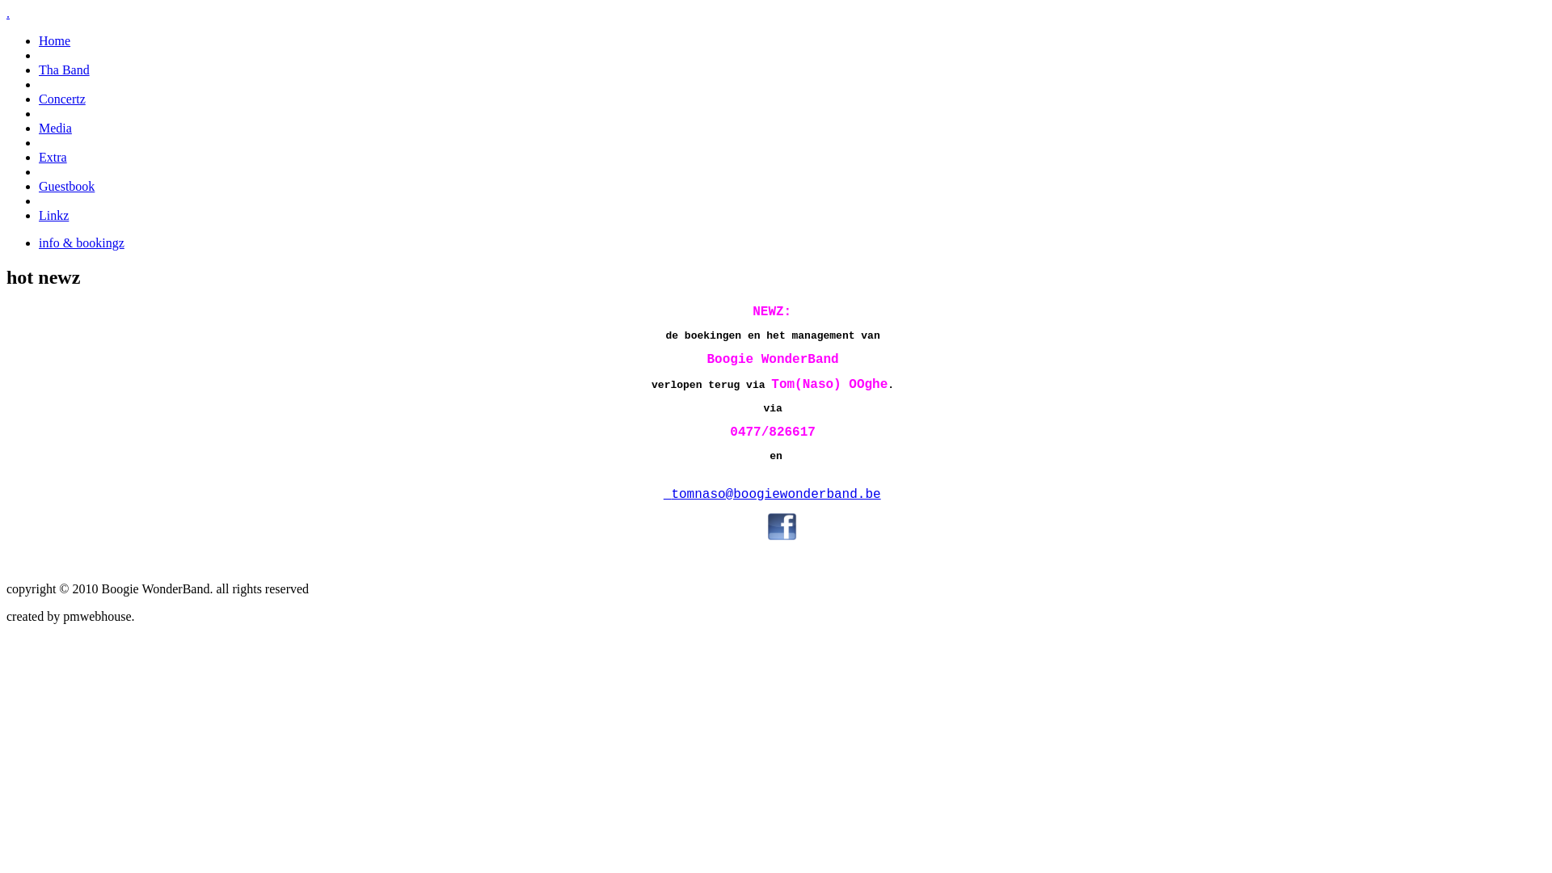 The image size is (1552, 873). I want to click on 'Home', so click(54, 40).